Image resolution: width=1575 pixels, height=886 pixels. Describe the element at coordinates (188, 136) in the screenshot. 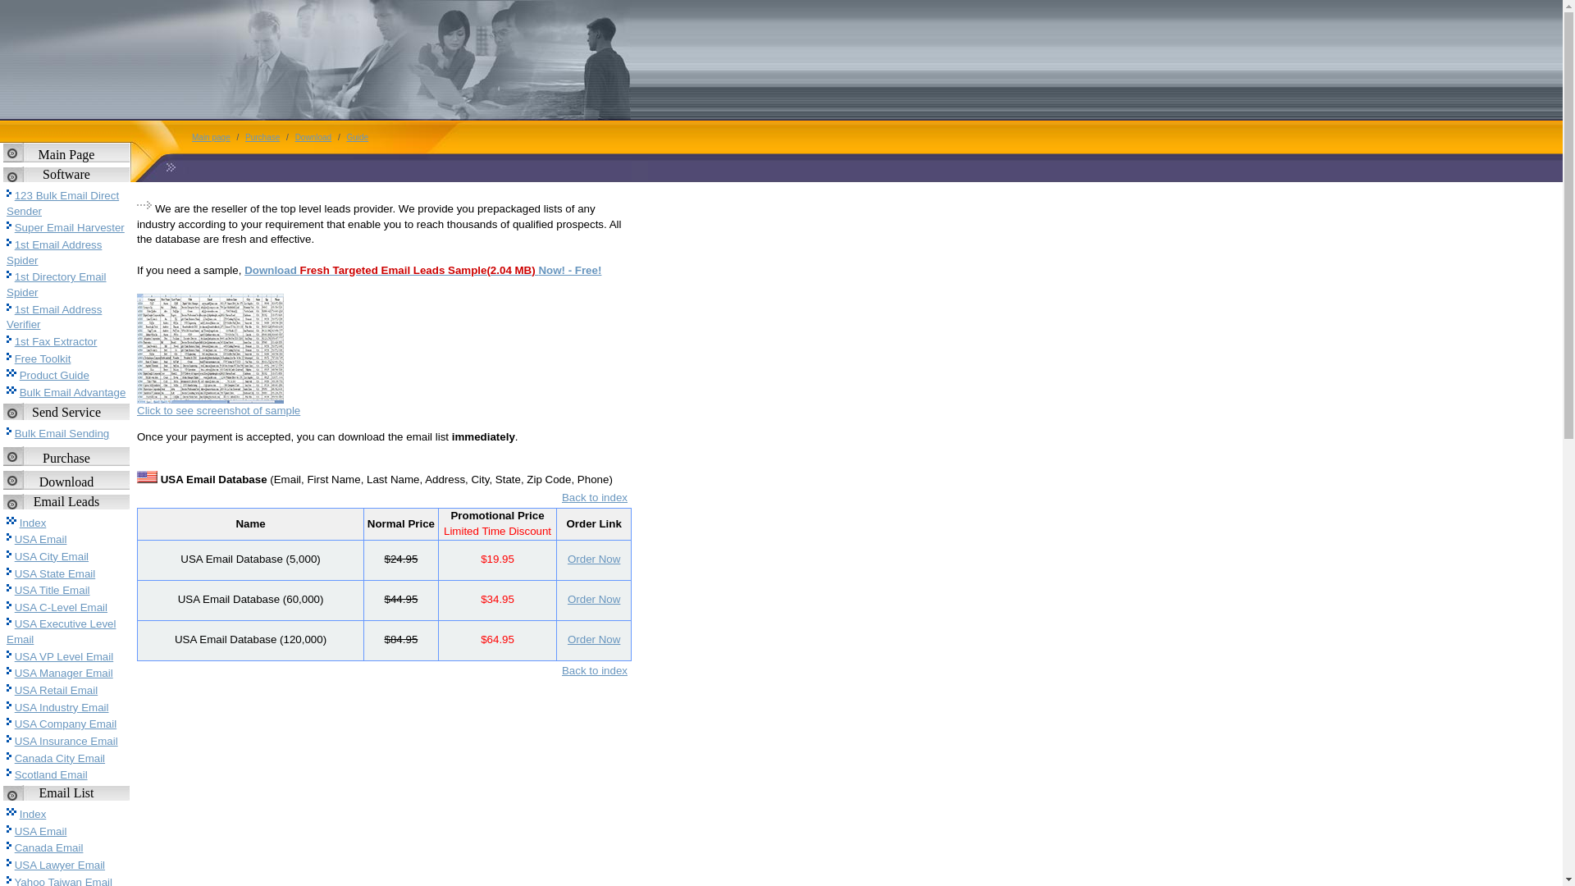

I see `'Main page'` at that location.